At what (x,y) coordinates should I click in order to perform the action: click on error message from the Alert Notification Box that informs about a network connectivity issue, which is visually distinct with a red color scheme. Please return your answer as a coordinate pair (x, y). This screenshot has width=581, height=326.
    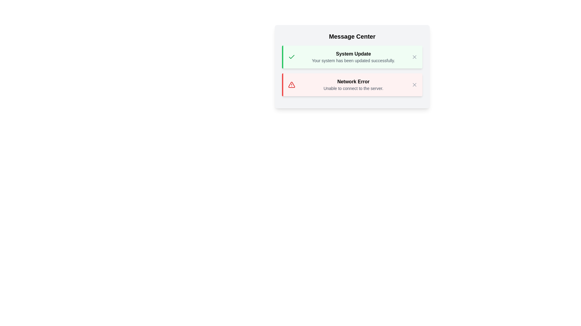
    Looking at the image, I should click on (352, 85).